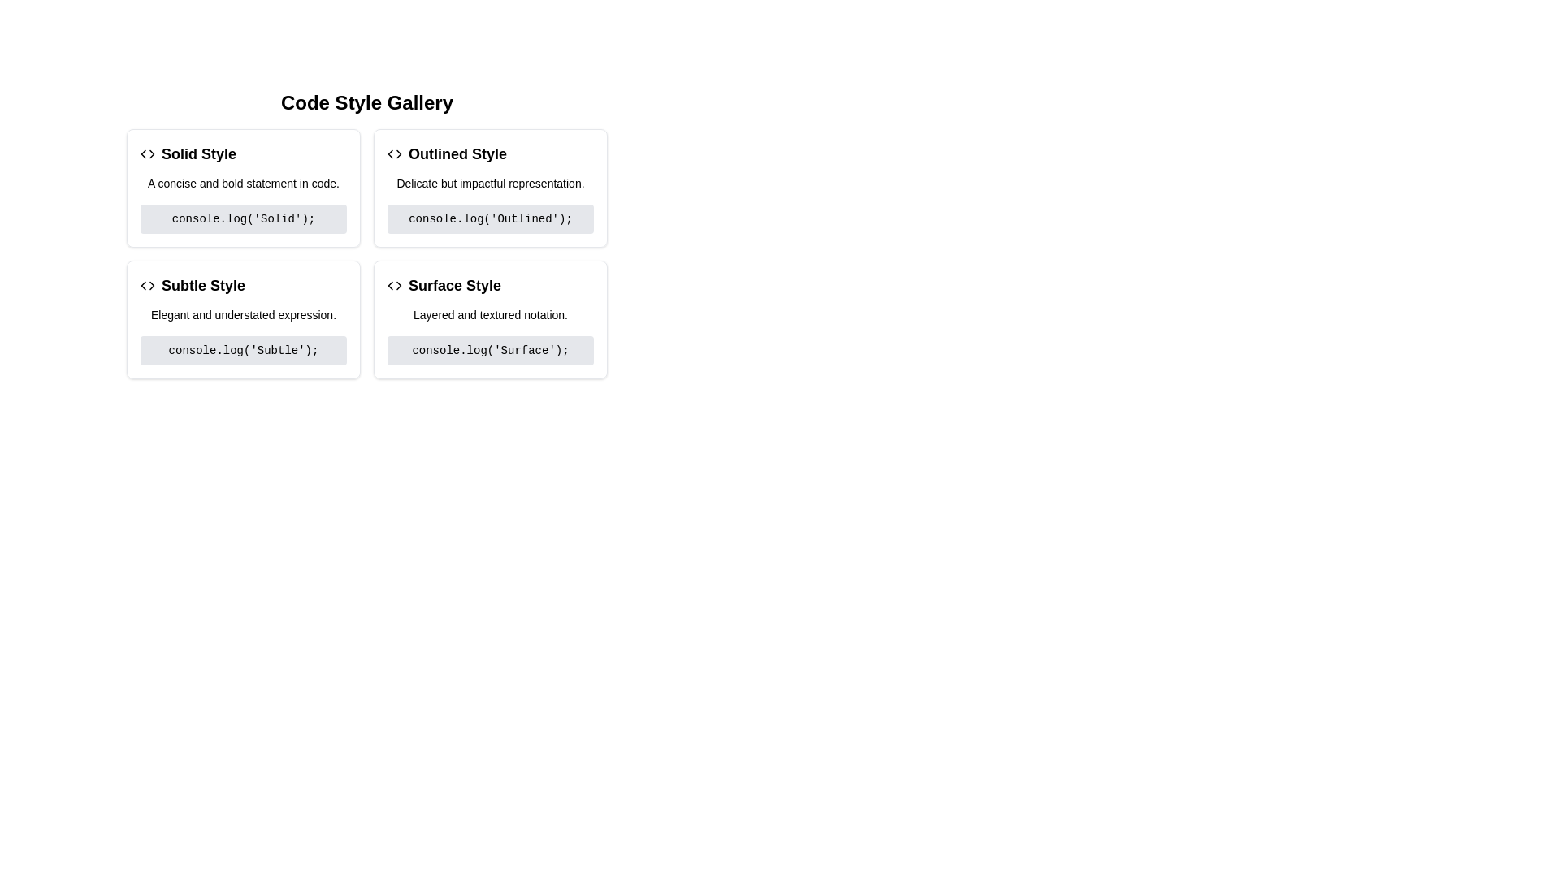 Image resolution: width=1560 pixels, height=877 pixels. What do you see at coordinates (242, 319) in the screenshot?
I see `the Static content card titled 'Subtle Style', which contains the subtitle 'Elegant and understated expression.' and a code snippet 'console.log('Subtle');'. This card is the third in a grid layout of four cards, located in the bottom-left corner` at bounding box center [242, 319].